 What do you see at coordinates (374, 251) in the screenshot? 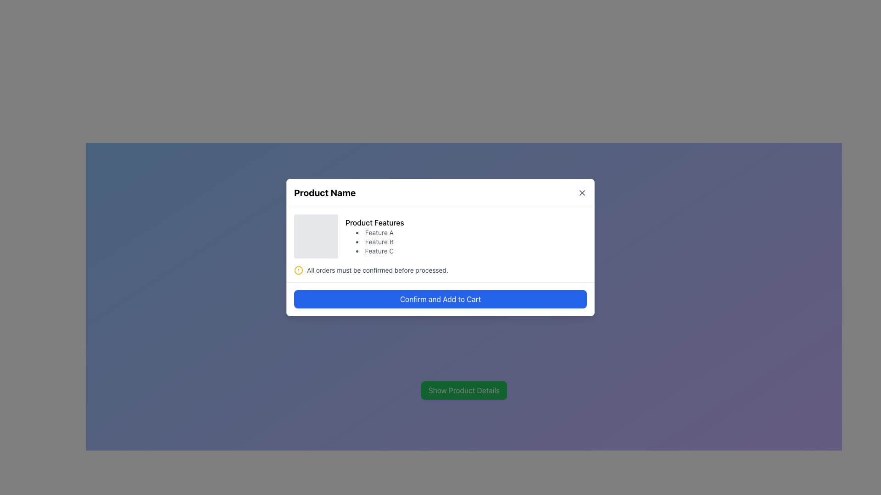
I see `the third item in the bulleted list indicating a specific feature of the product, located in the modal dialog box under 'Product Features'` at bounding box center [374, 251].